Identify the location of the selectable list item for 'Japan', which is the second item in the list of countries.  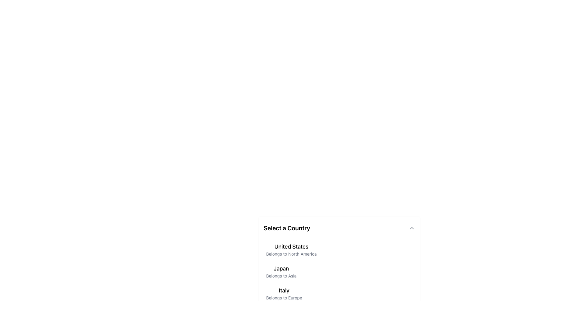
(281, 271).